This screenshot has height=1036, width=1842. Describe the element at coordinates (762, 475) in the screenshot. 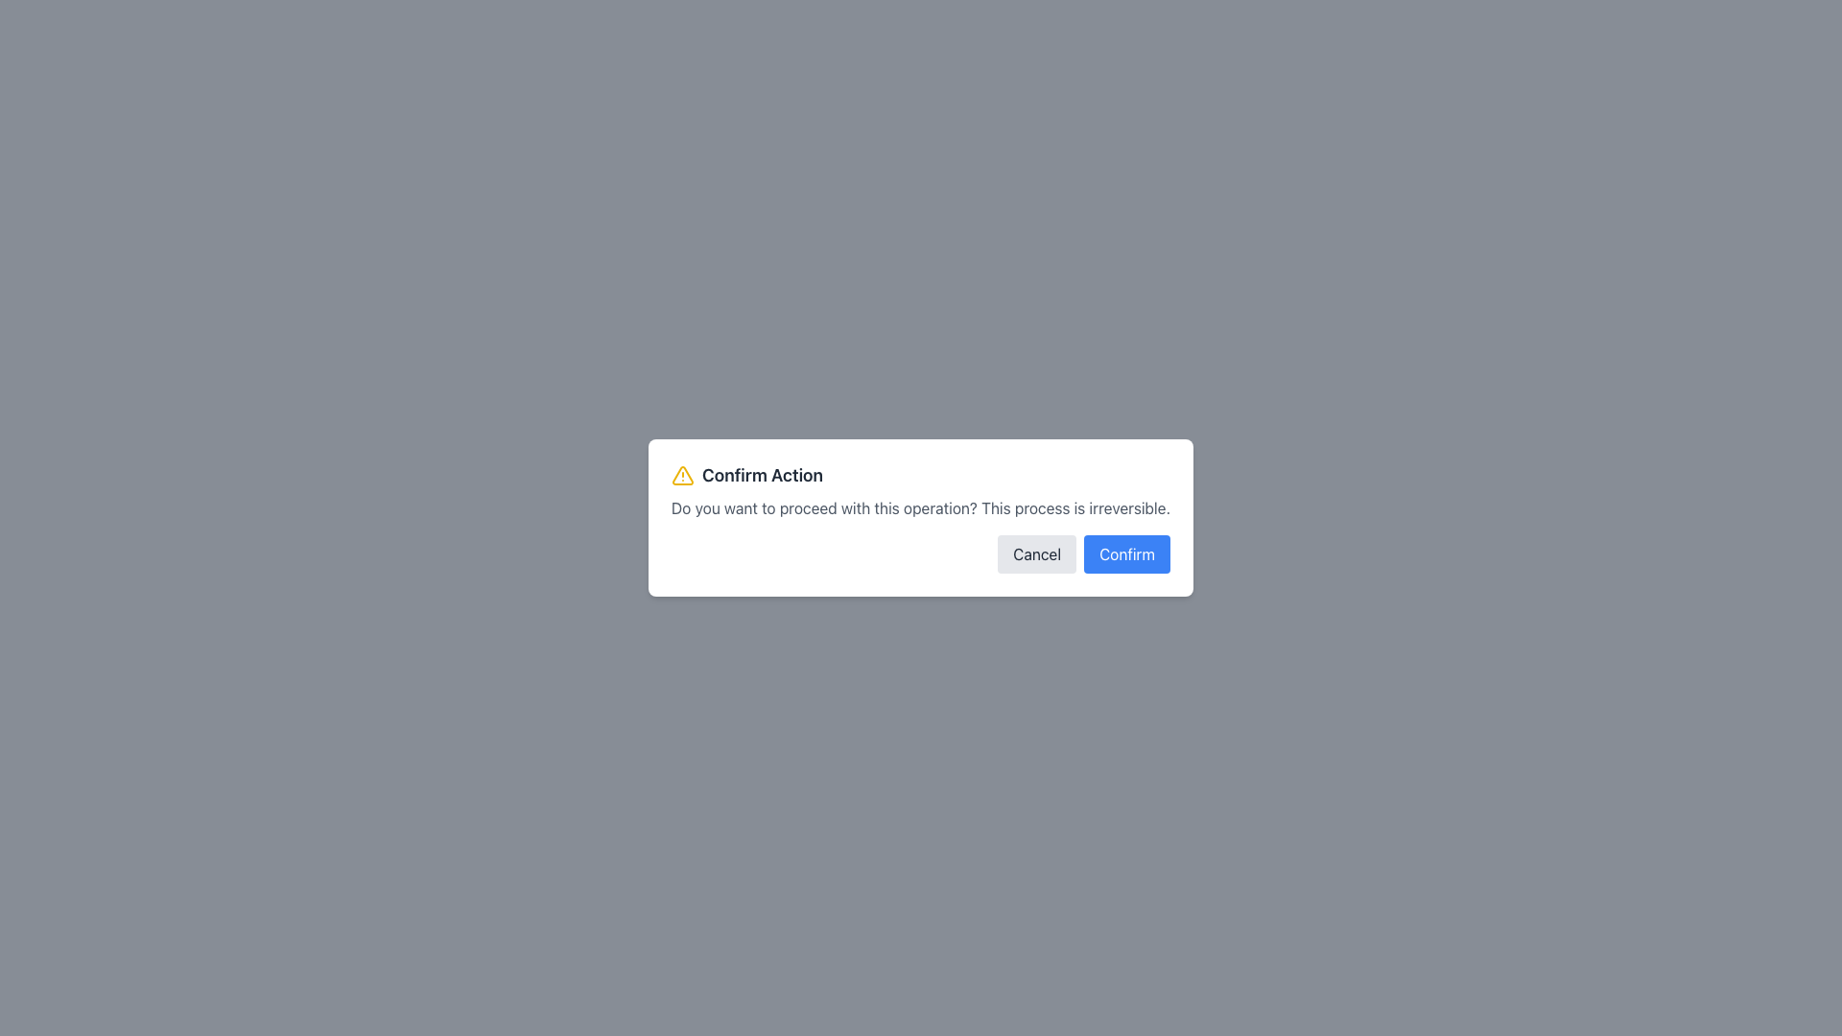

I see `text displayed in the 'Confirm Action' text label that is located at the top of the dialog box, adjacent to the yellow warning icon` at that location.